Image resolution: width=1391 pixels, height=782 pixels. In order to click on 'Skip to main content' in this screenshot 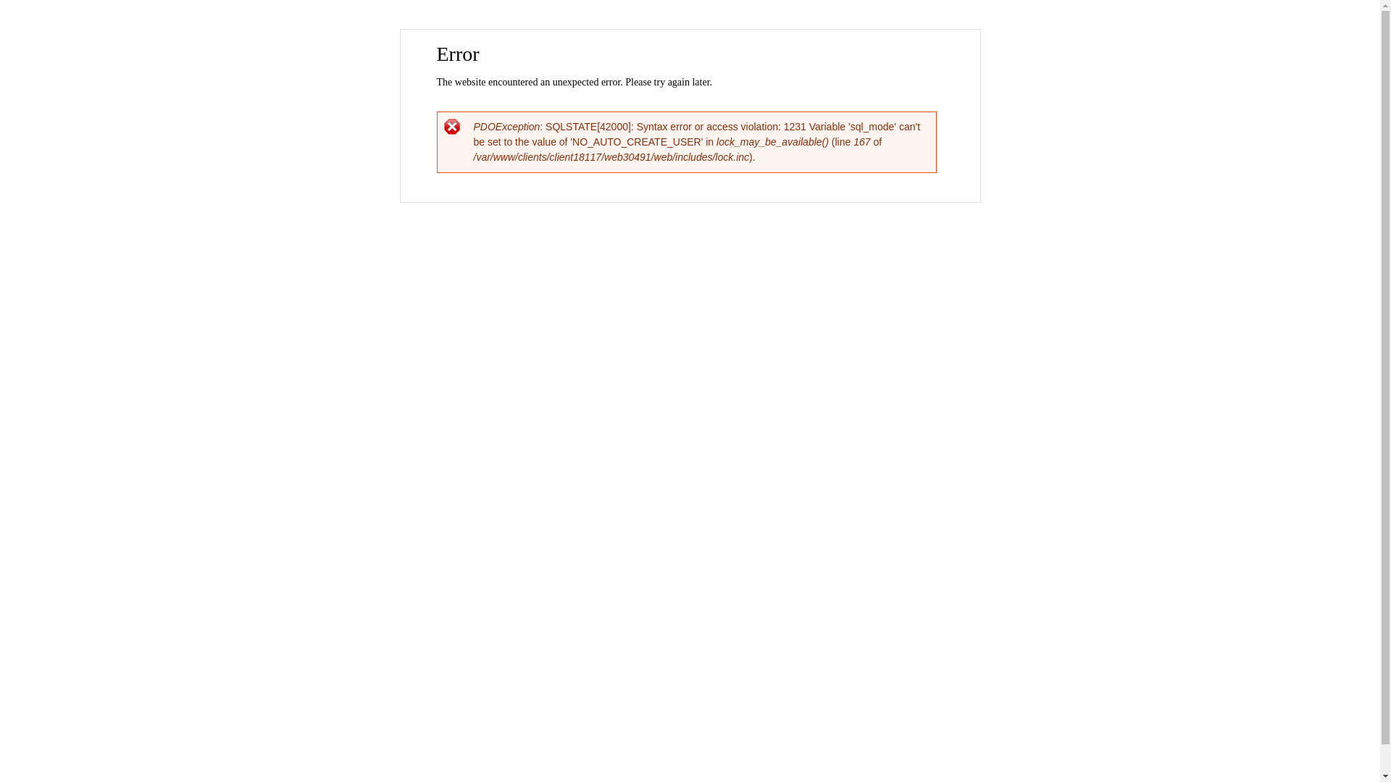, I will do `click(659, 30)`.